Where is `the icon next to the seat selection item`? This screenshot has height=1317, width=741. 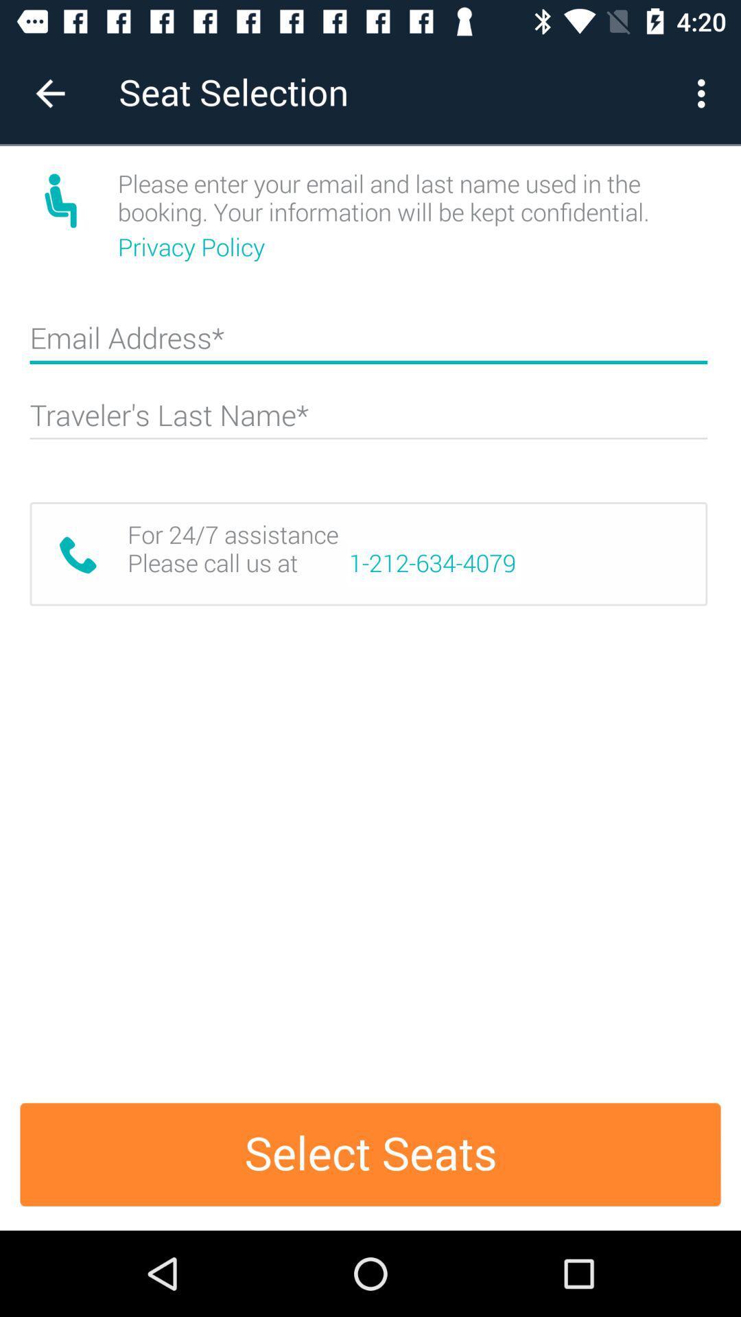 the icon next to the seat selection item is located at coordinates (705, 93).